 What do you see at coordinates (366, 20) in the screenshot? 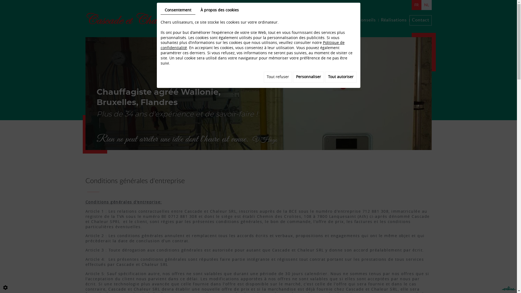
I see `'Conseils'` at bounding box center [366, 20].